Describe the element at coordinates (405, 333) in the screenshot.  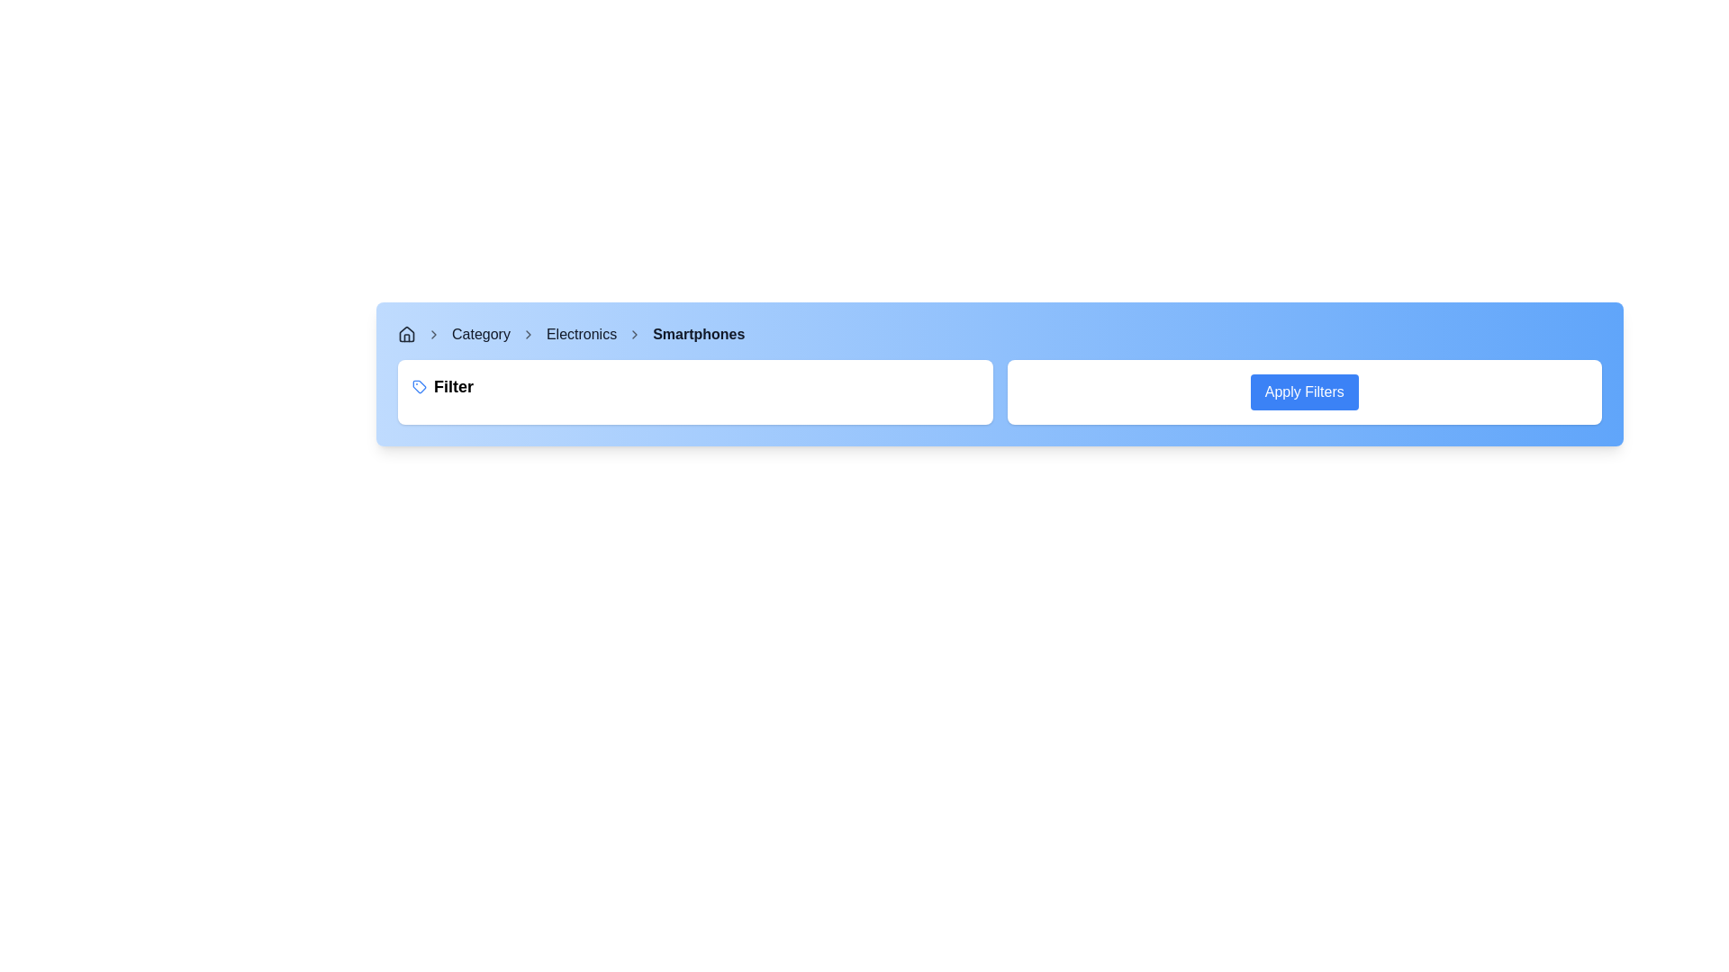
I see `the home icon located` at that location.